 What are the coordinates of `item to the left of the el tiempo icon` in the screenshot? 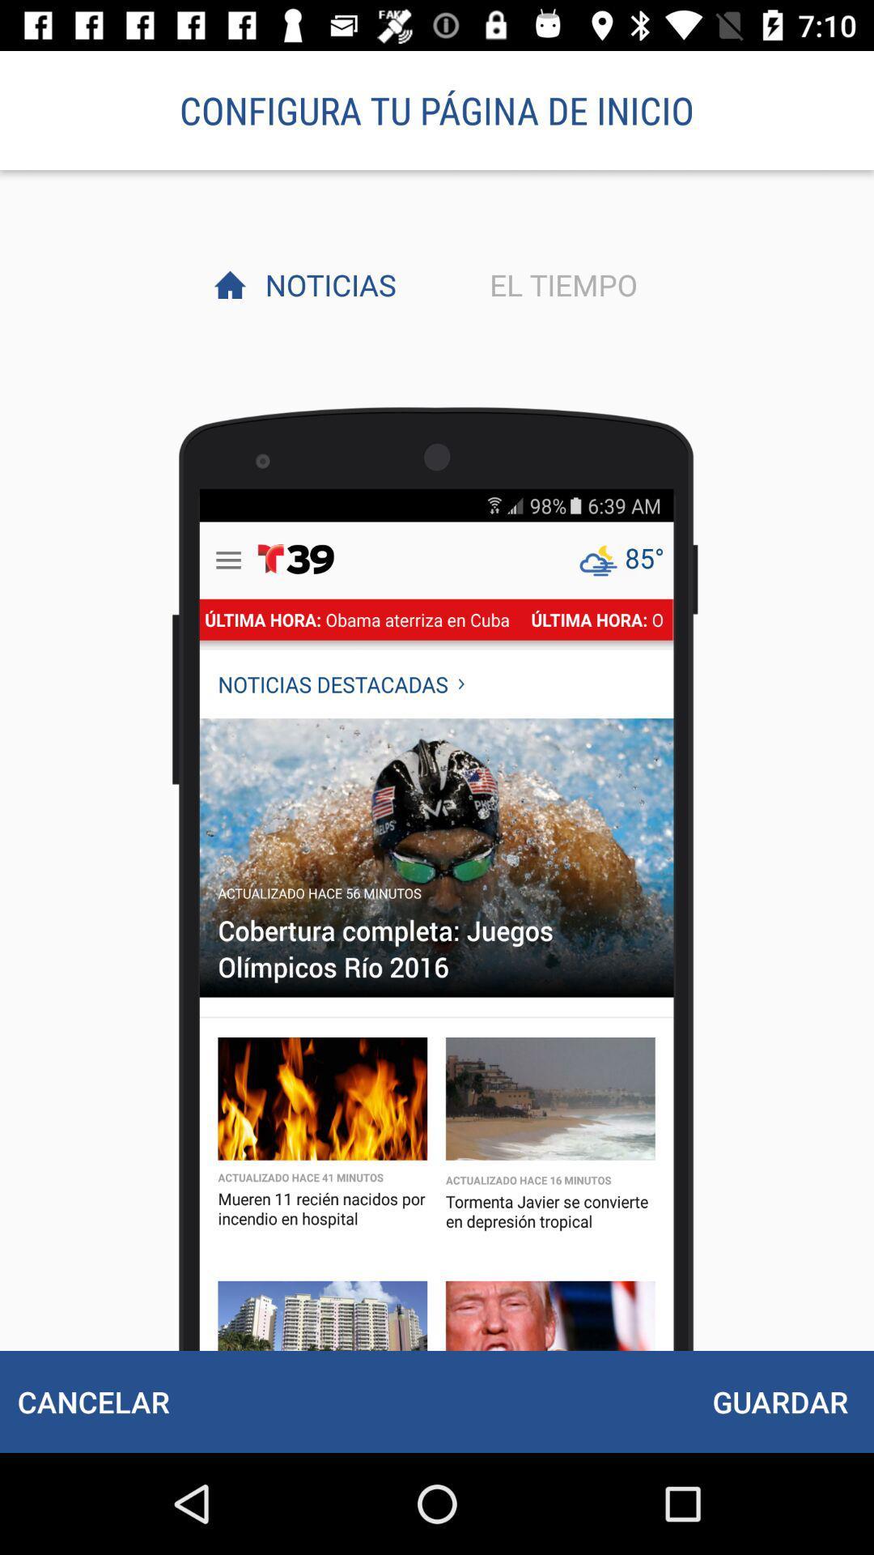 It's located at (326, 284).